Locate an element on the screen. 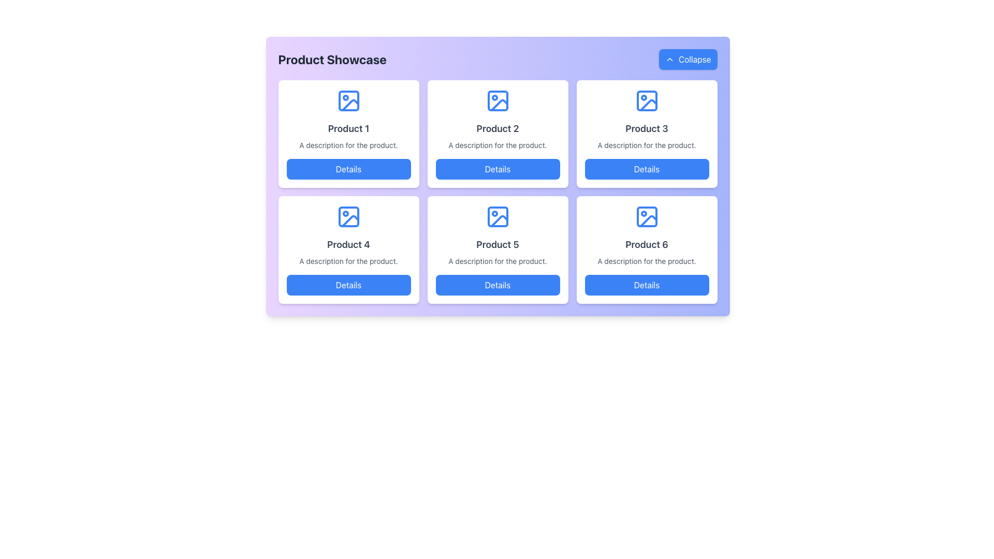 This screenshot has width=994, height=559. the Decorative Icon Detail, which is a thin curved line resembling a mountain slope, located within the graphical image icon of the 'Product 4' box is located at coordinates (350, 220).